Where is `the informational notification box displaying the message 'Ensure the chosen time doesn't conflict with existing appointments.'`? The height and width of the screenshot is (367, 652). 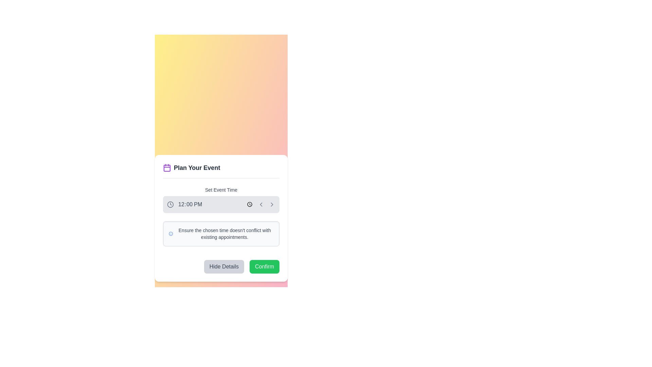 the informational notification box displaying the message 'Ensure the chosen time doesn't conflict with existing appointments.' is located at coordinates (221, 233).